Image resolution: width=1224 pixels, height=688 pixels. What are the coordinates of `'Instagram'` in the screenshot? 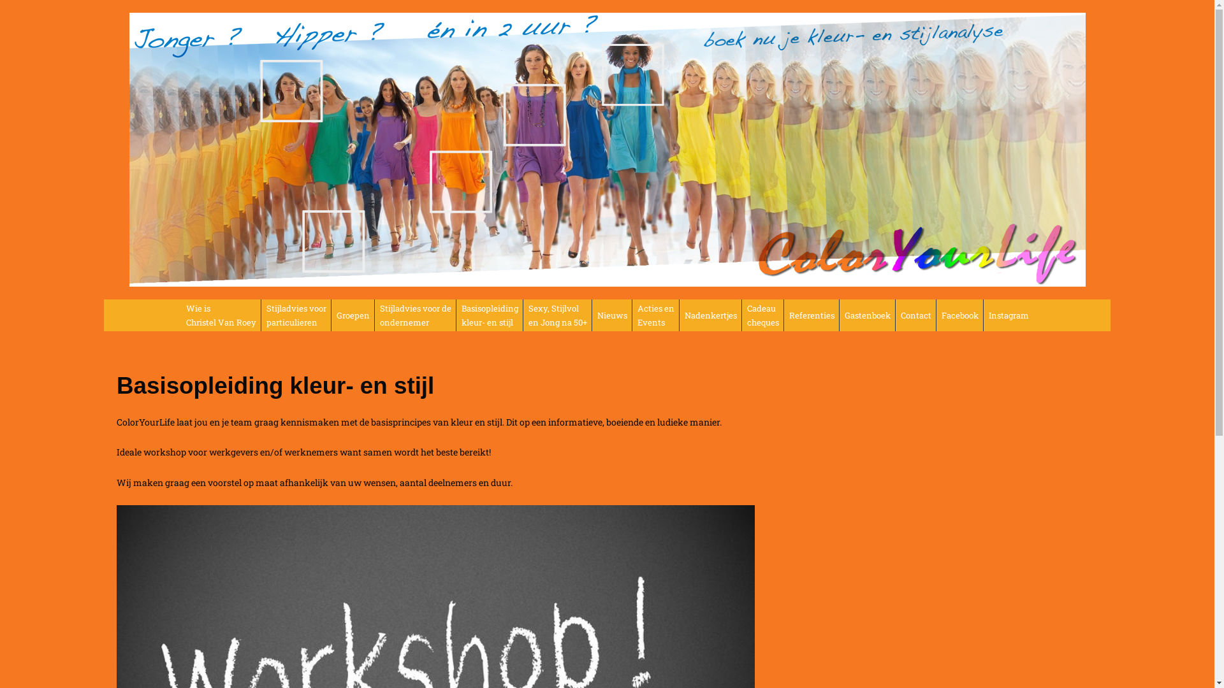 It's located at (1008, 315).